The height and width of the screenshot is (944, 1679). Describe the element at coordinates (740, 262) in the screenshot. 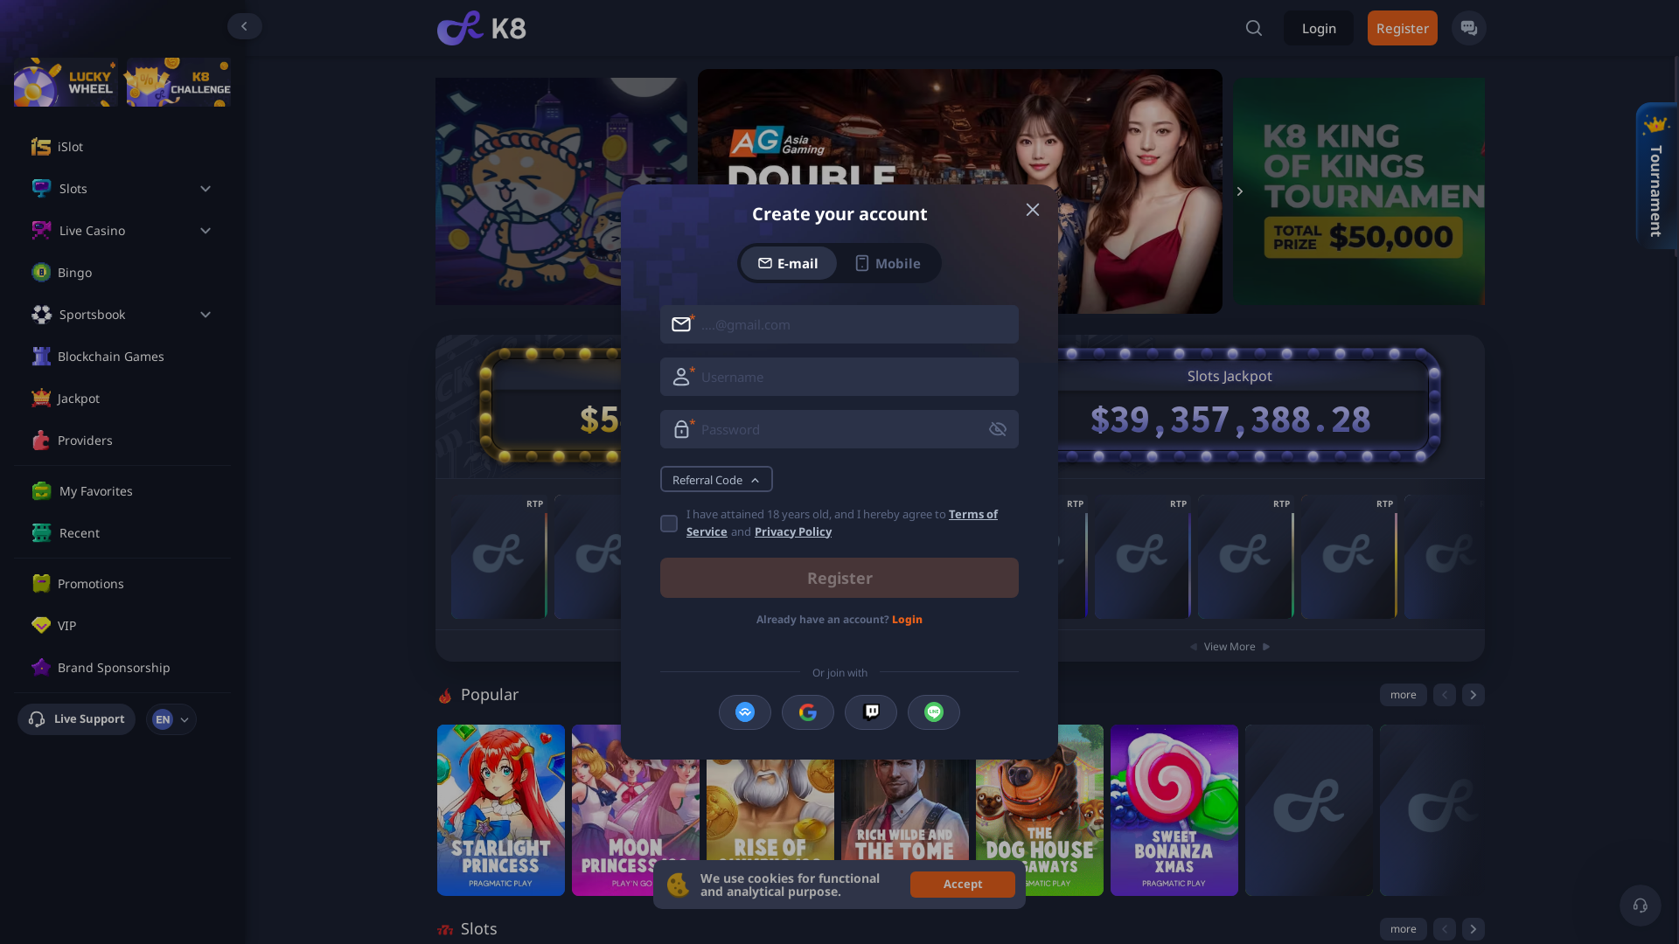

I see `'E-mail'` at that location.